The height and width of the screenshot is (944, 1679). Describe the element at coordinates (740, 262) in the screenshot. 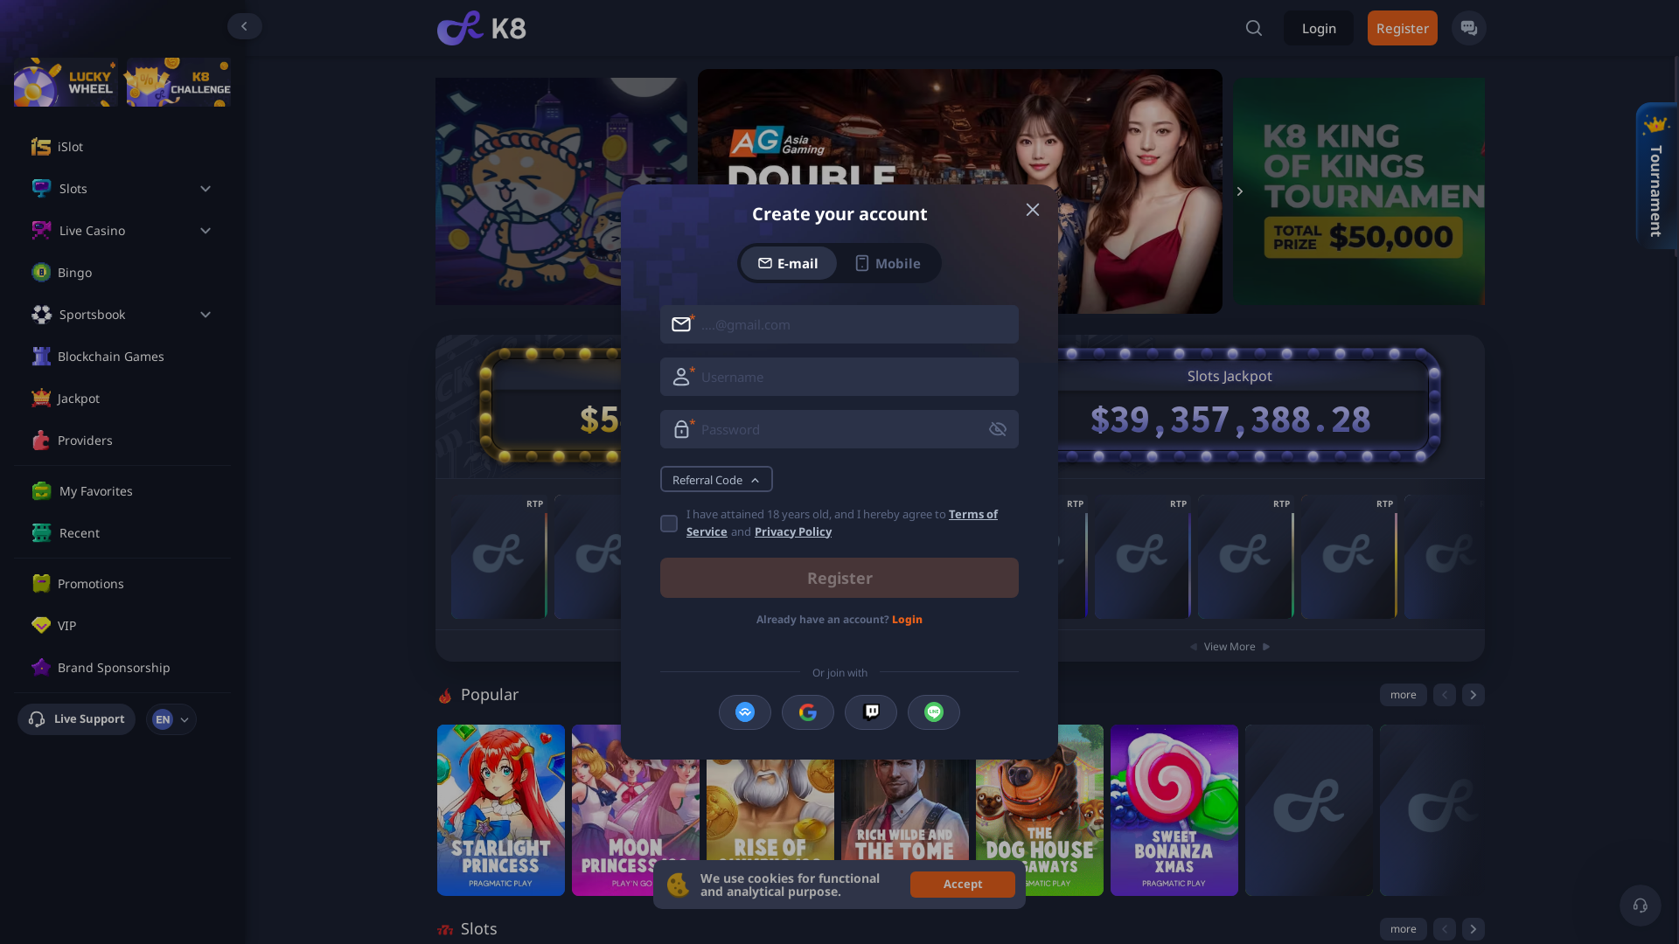

I see `'E-mail'` at that location.